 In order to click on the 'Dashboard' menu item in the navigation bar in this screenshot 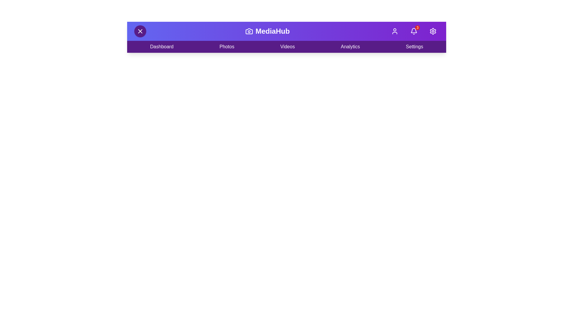, I will do `click(162, 47)`.